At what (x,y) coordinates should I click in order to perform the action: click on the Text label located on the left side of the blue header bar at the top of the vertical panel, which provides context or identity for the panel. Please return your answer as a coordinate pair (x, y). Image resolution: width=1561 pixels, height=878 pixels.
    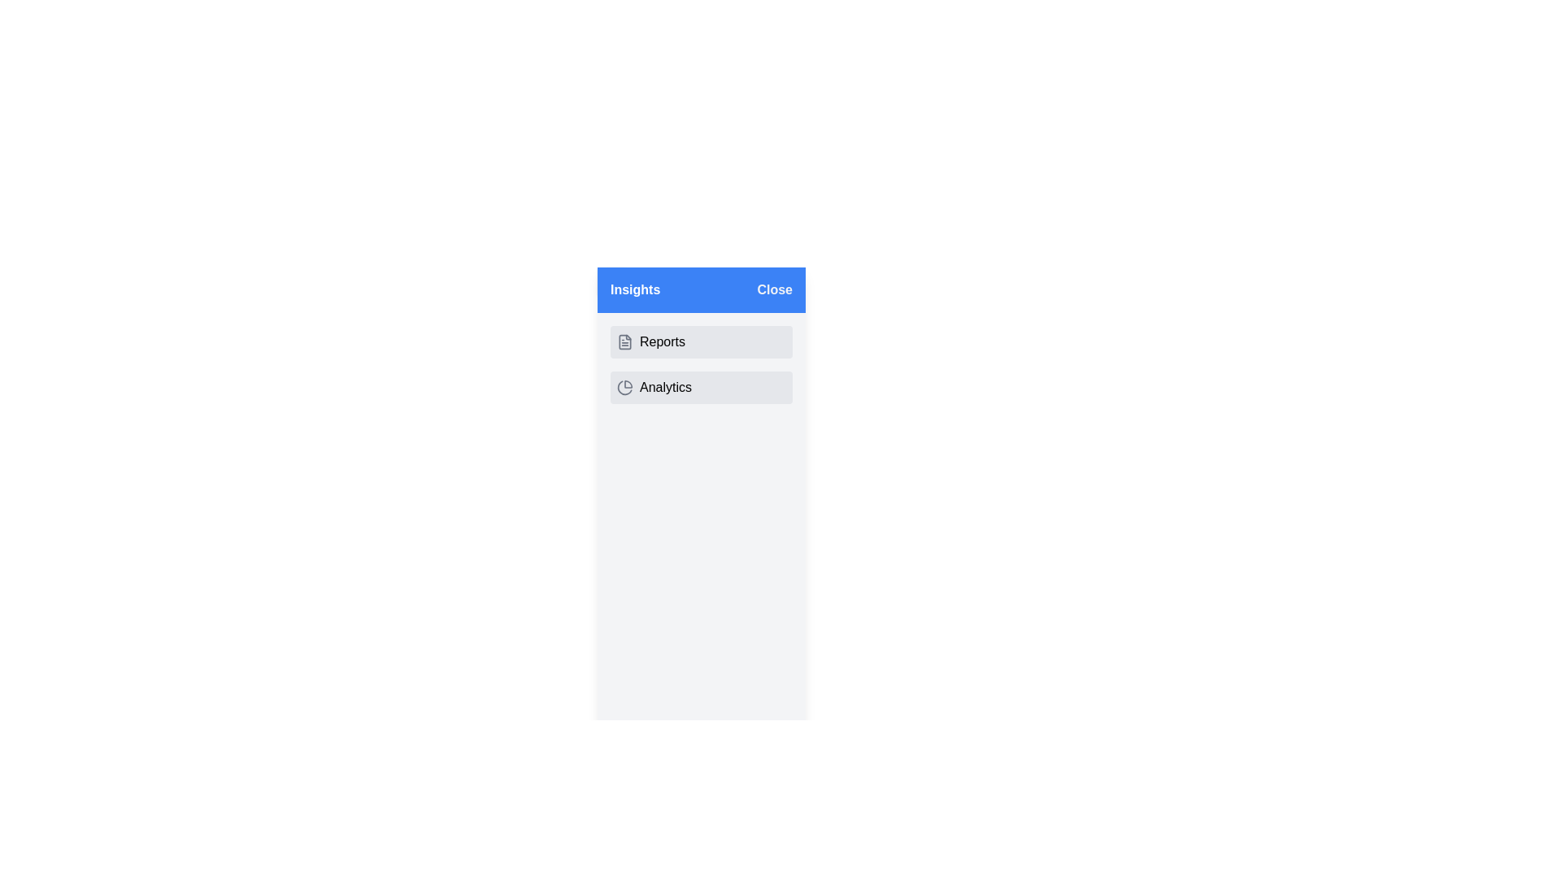
    Looking at the image, I should click on (634, 289).